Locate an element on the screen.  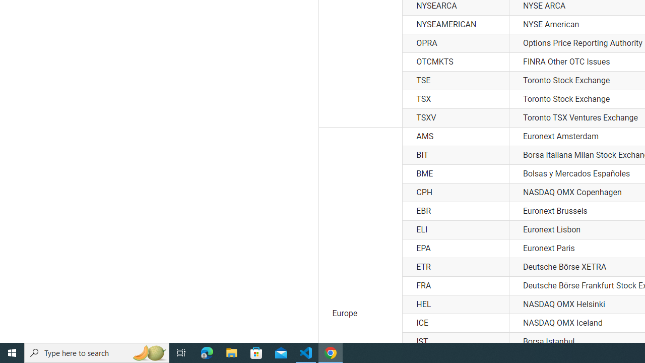
'EBR' is located at coordinates (455, 211).